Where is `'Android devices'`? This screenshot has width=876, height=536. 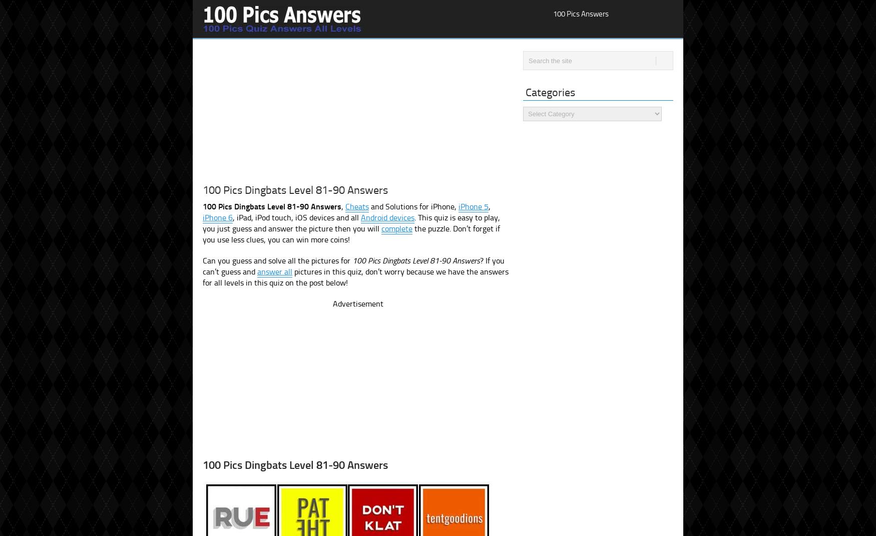
'Android devices' is located at coordinates (387, 217).